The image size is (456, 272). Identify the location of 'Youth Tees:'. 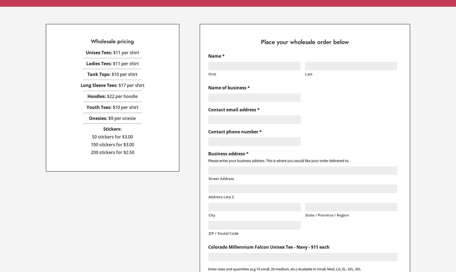
(98, 107).